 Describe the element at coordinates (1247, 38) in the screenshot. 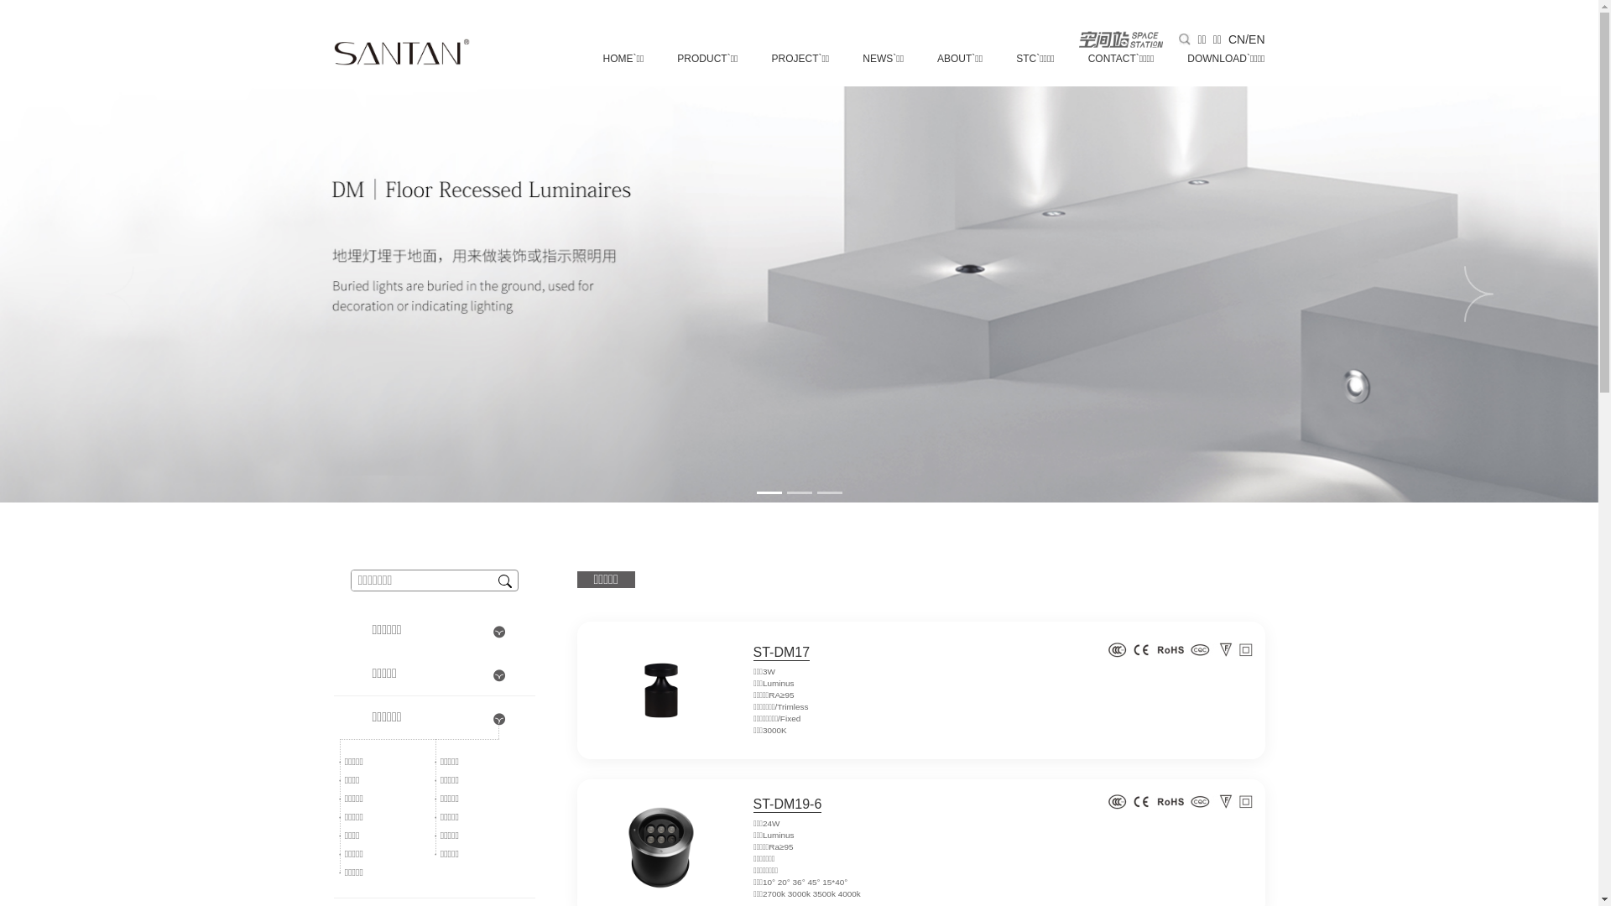

I see `'CN/EN'` at that location.